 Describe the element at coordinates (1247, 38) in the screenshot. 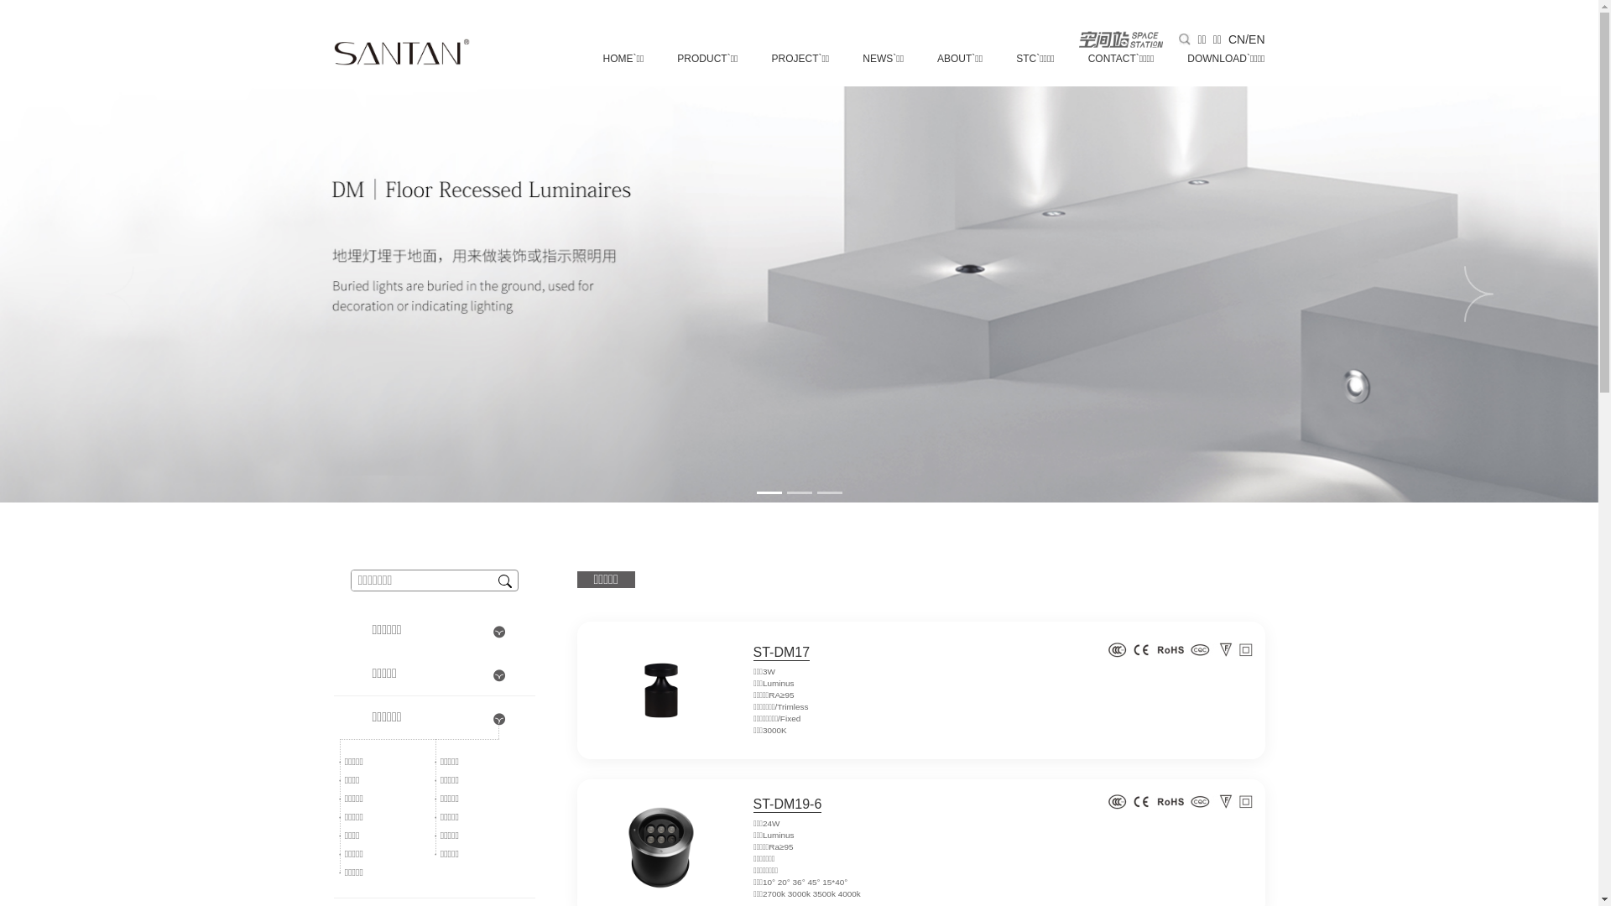

I see `'CN/EN'` at that location.